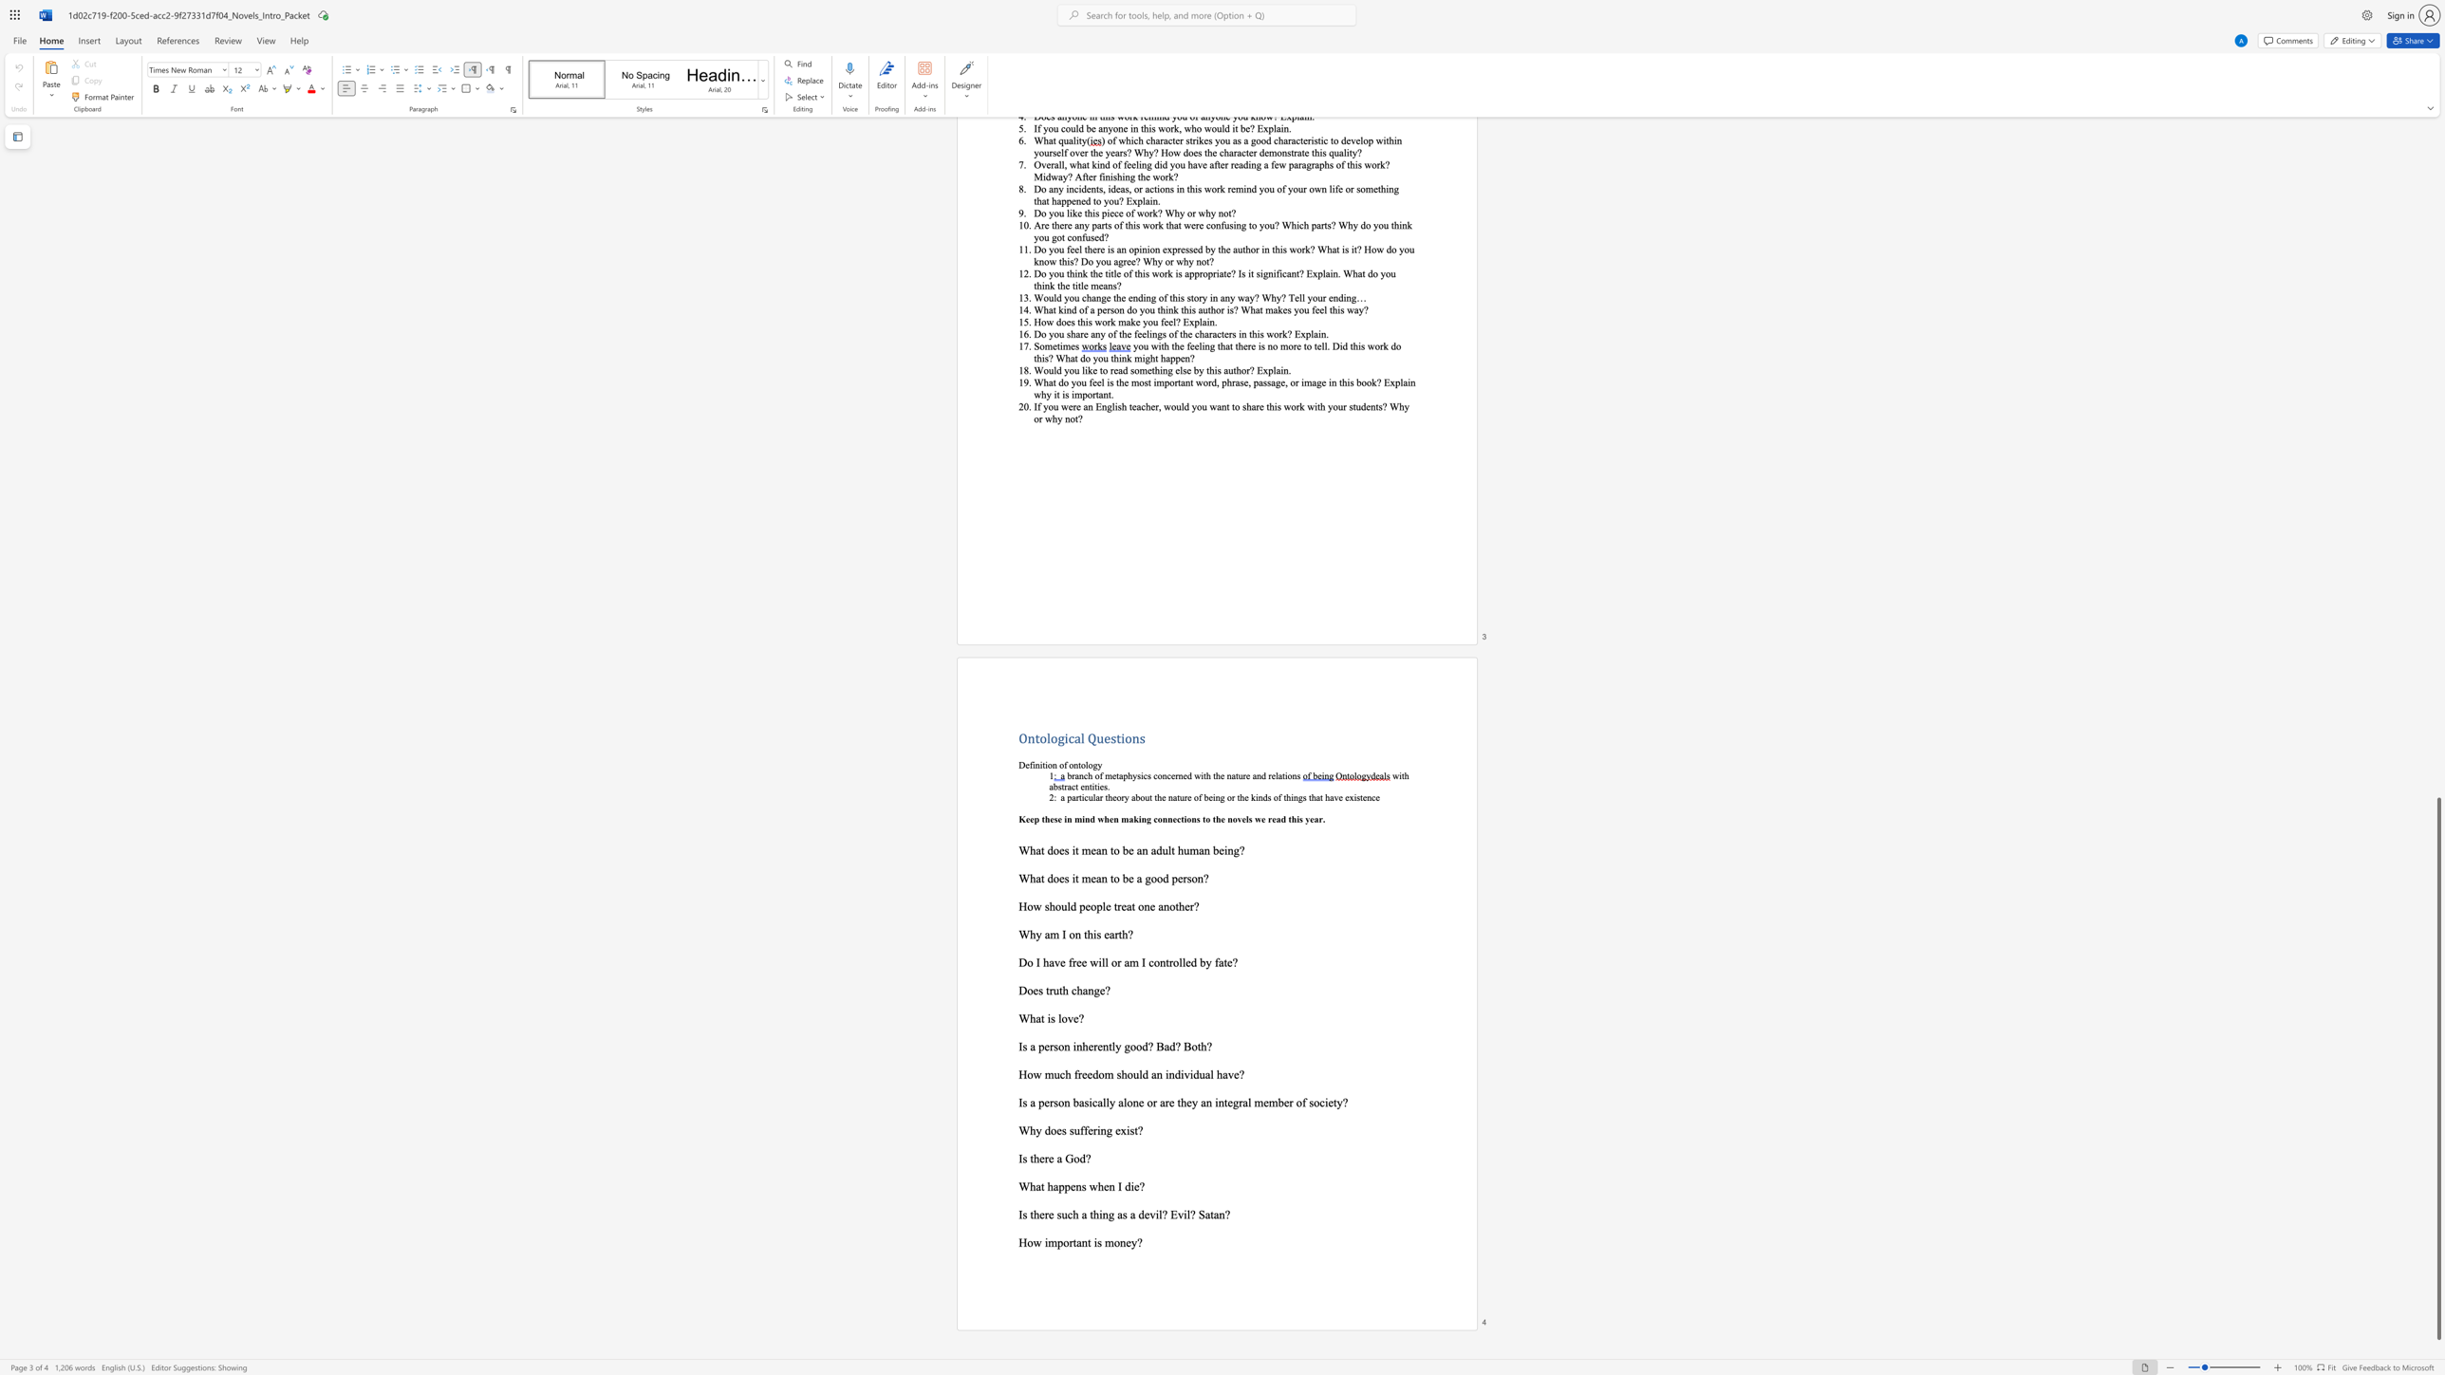 The image size is (2445, 1375). I want to click on the 1th character "s" in the text, so click(1139, 774).